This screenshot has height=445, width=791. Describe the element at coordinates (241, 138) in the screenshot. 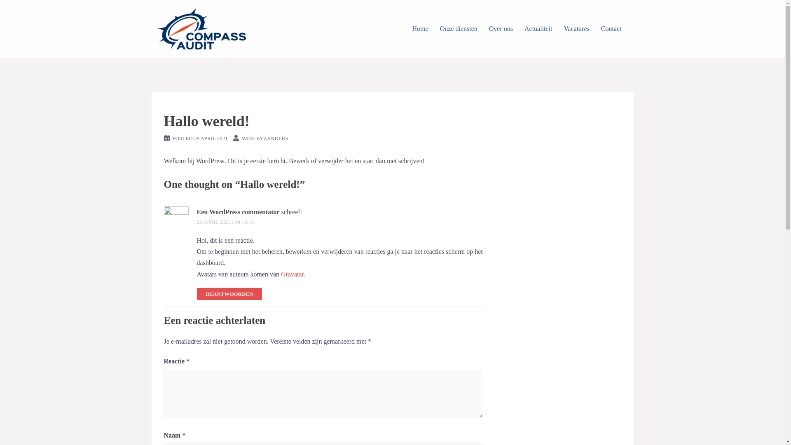

I see `'WESLEYZANDERS'` at that location.